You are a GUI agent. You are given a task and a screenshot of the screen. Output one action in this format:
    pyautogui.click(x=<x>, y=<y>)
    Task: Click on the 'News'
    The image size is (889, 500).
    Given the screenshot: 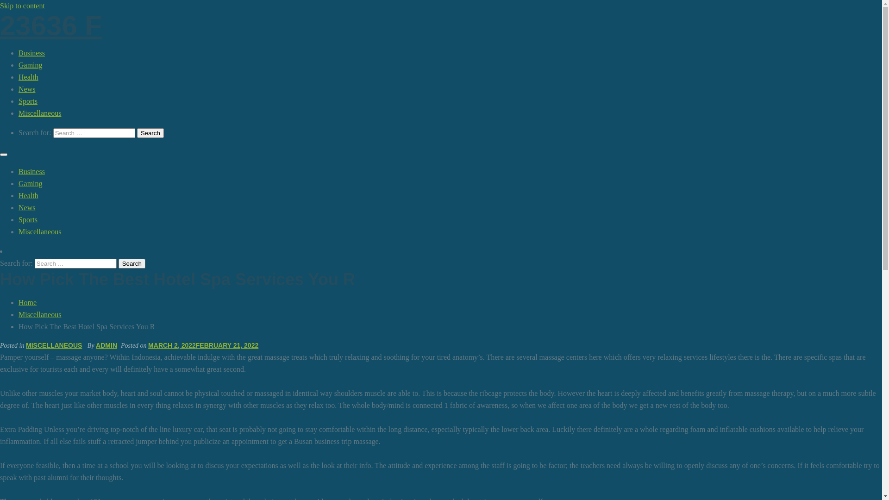 What is the action you would take?
    pyautogui.click(x=26, y=207)
    